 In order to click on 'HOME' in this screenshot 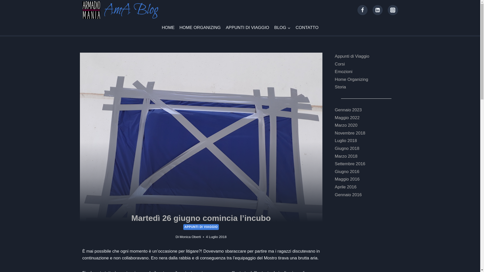, I will do `click(168, 28)`.